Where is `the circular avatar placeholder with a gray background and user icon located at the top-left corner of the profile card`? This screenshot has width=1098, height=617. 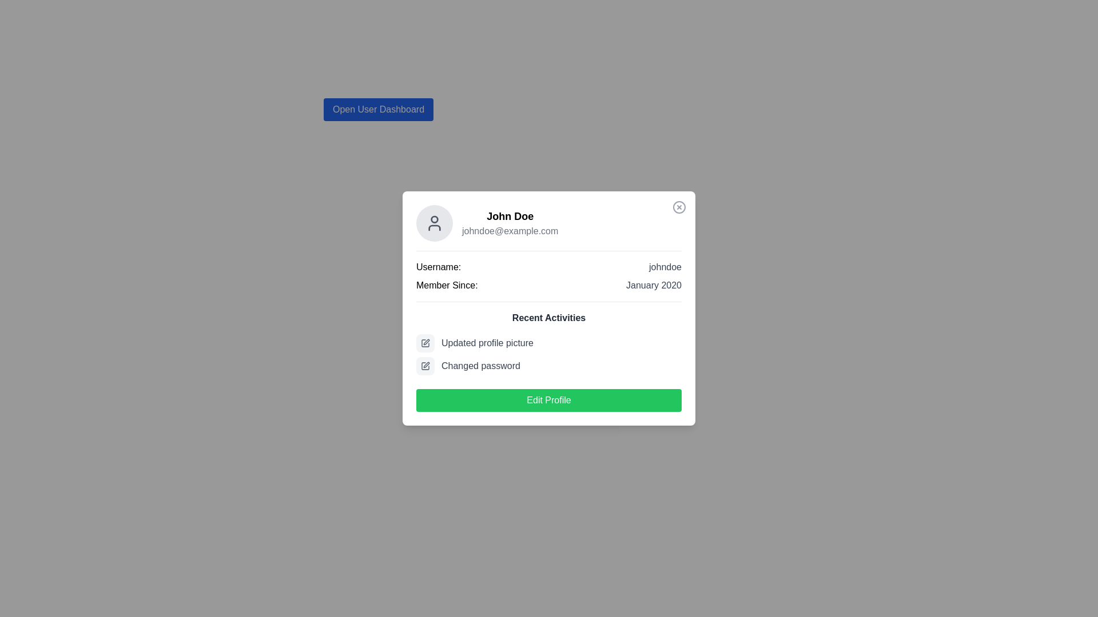
the circular avatar placeholder with a gray background and user icon located at the top-left corner of the profile card is located at coordinates (433, 223).